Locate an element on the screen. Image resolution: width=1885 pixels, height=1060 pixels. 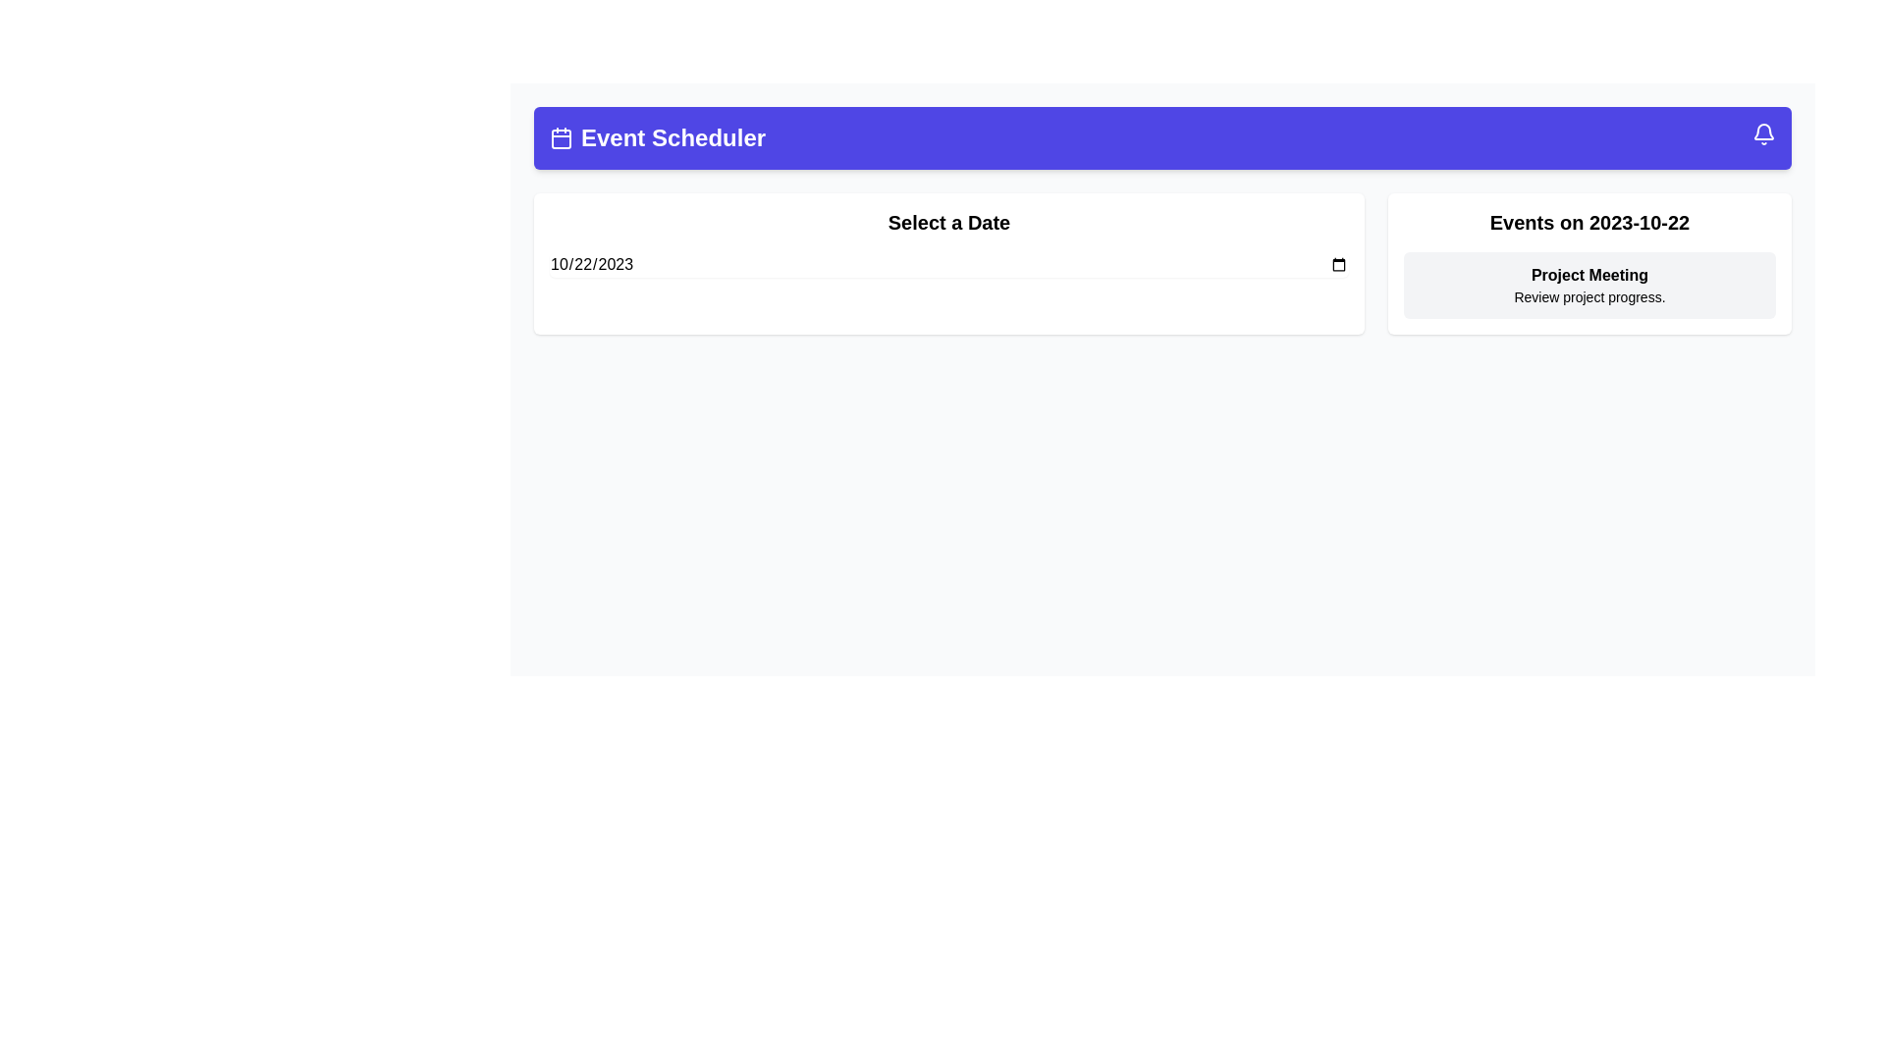
the rectangular SVG component representing the active date within the calendar icon, located to the left of the 'Event Scheduler' header text is located at coordinates (560, 138).